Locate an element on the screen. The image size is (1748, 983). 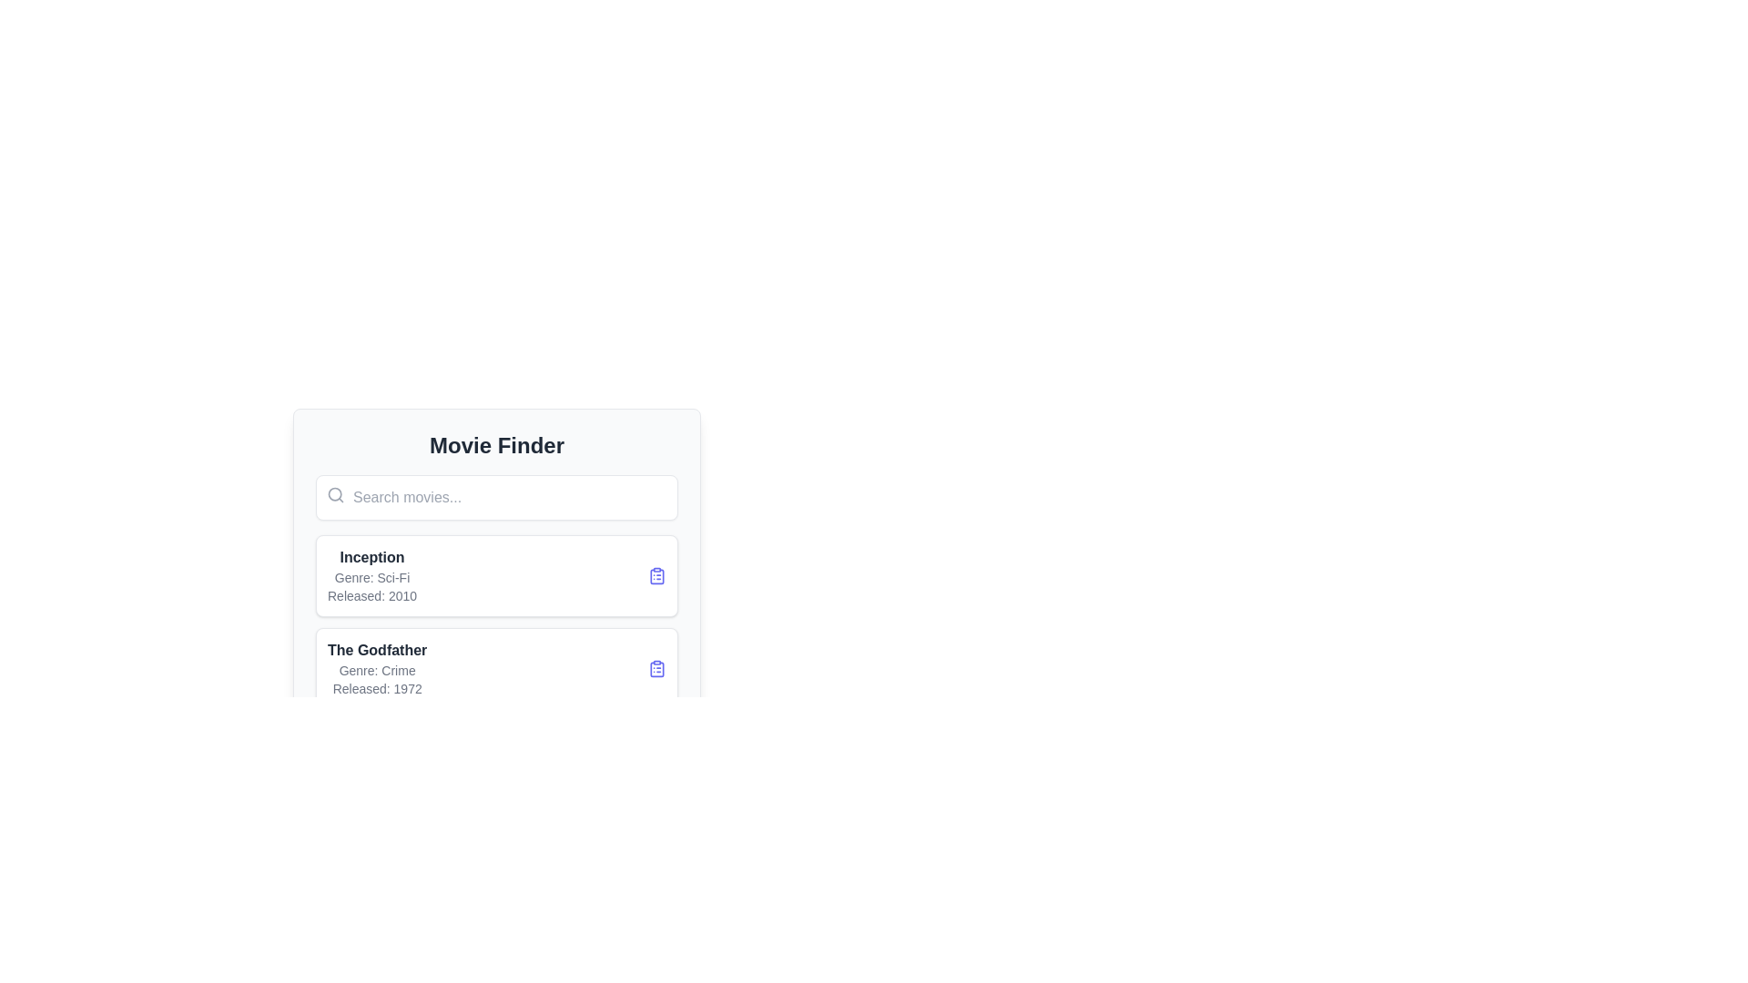
the circular gray magnifying glass icon located in the upper left corner of the search input box, which is associated with the placeholder text 'Search movies...' is located at coordinates (336, 494).